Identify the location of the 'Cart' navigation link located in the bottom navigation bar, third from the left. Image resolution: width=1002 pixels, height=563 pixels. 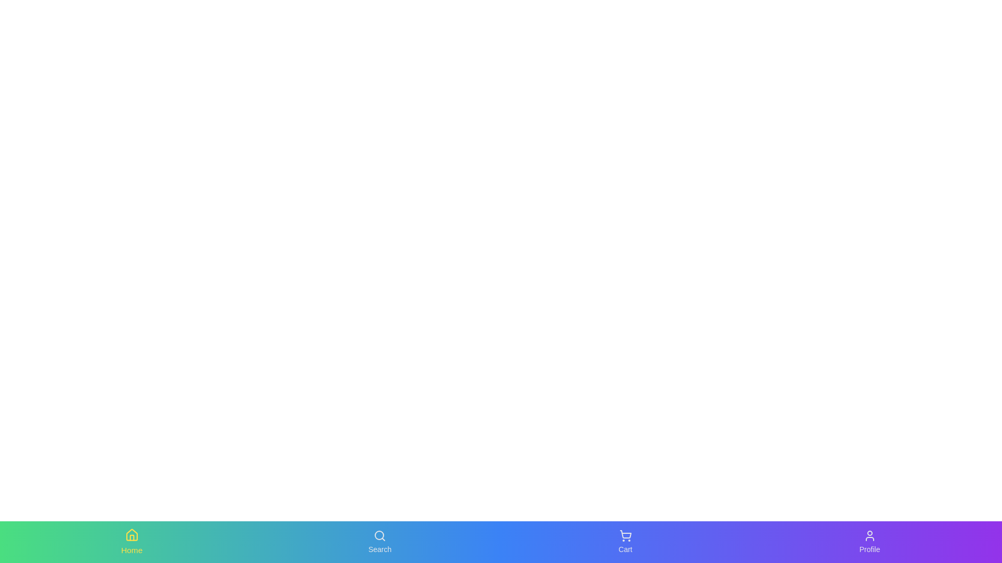
(625, 542).